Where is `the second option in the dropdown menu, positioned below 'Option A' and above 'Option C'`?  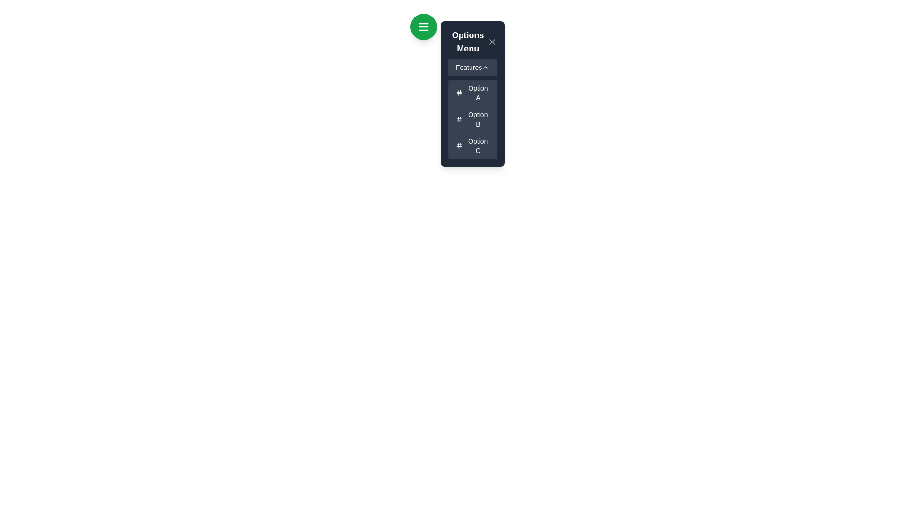 the second option in the dropdown menu, positioned below 'Option A' and above 'Option C' is located at coordinates (472, 119).